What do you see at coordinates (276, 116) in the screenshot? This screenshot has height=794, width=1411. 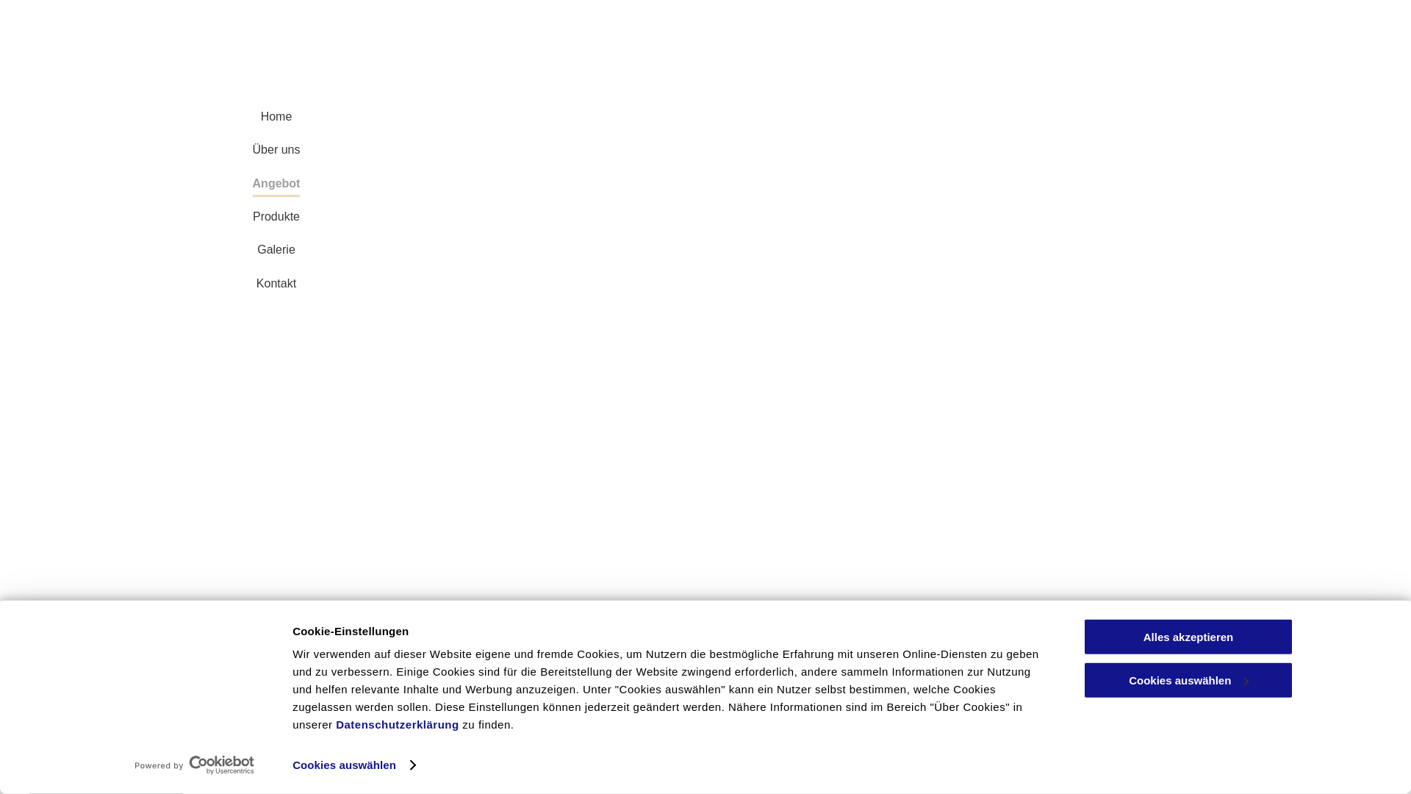 I see `'Home'` at bounding box center [276, 116].